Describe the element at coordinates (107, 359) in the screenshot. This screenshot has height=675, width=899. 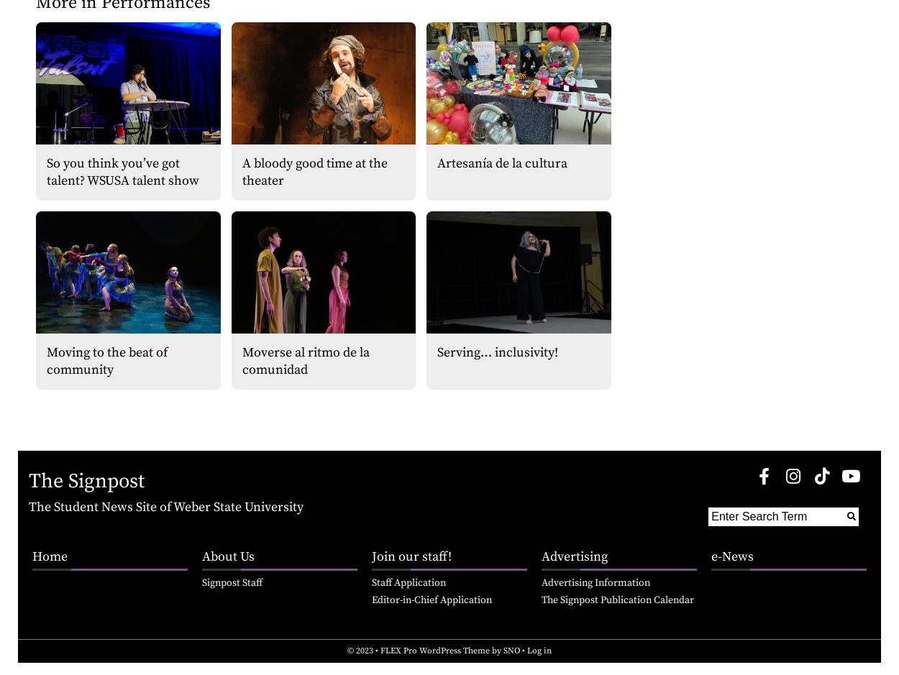
I see `'Moving to the beat of community'` at that location.